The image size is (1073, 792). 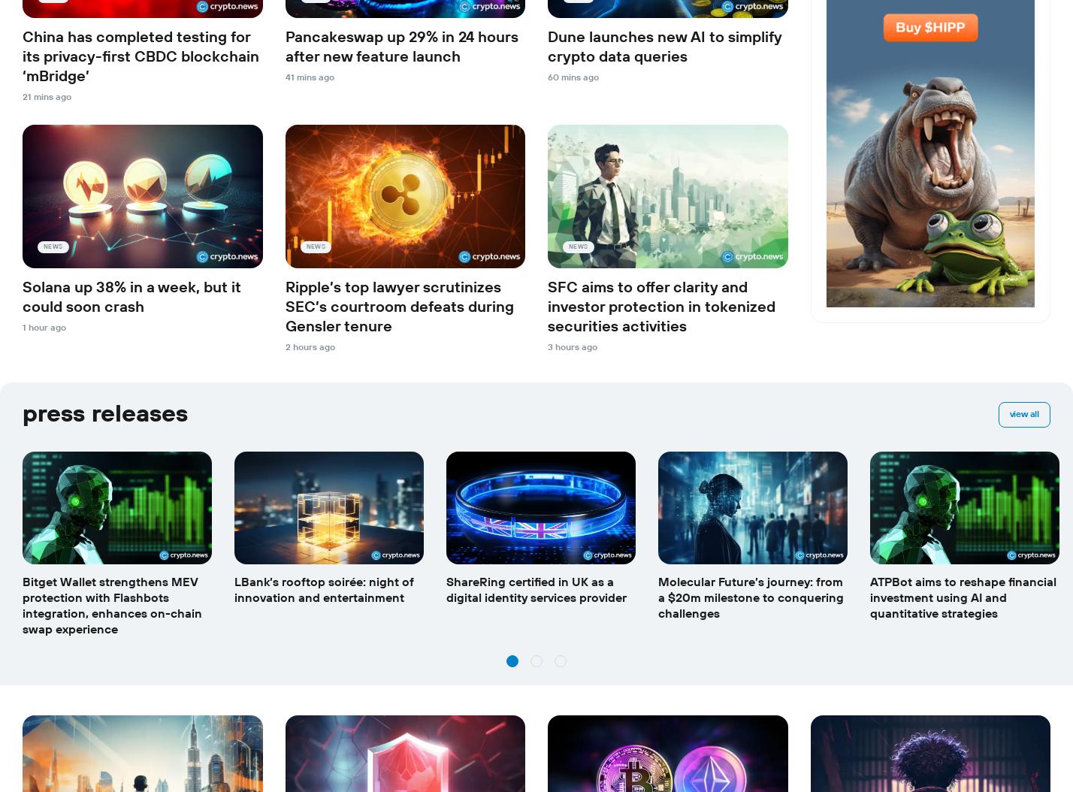 I want to click on 'Ripple’s top lawyer scrutinizes SEC’s courtroom defeats during Gensler tenure', so click(x=284, y=306).